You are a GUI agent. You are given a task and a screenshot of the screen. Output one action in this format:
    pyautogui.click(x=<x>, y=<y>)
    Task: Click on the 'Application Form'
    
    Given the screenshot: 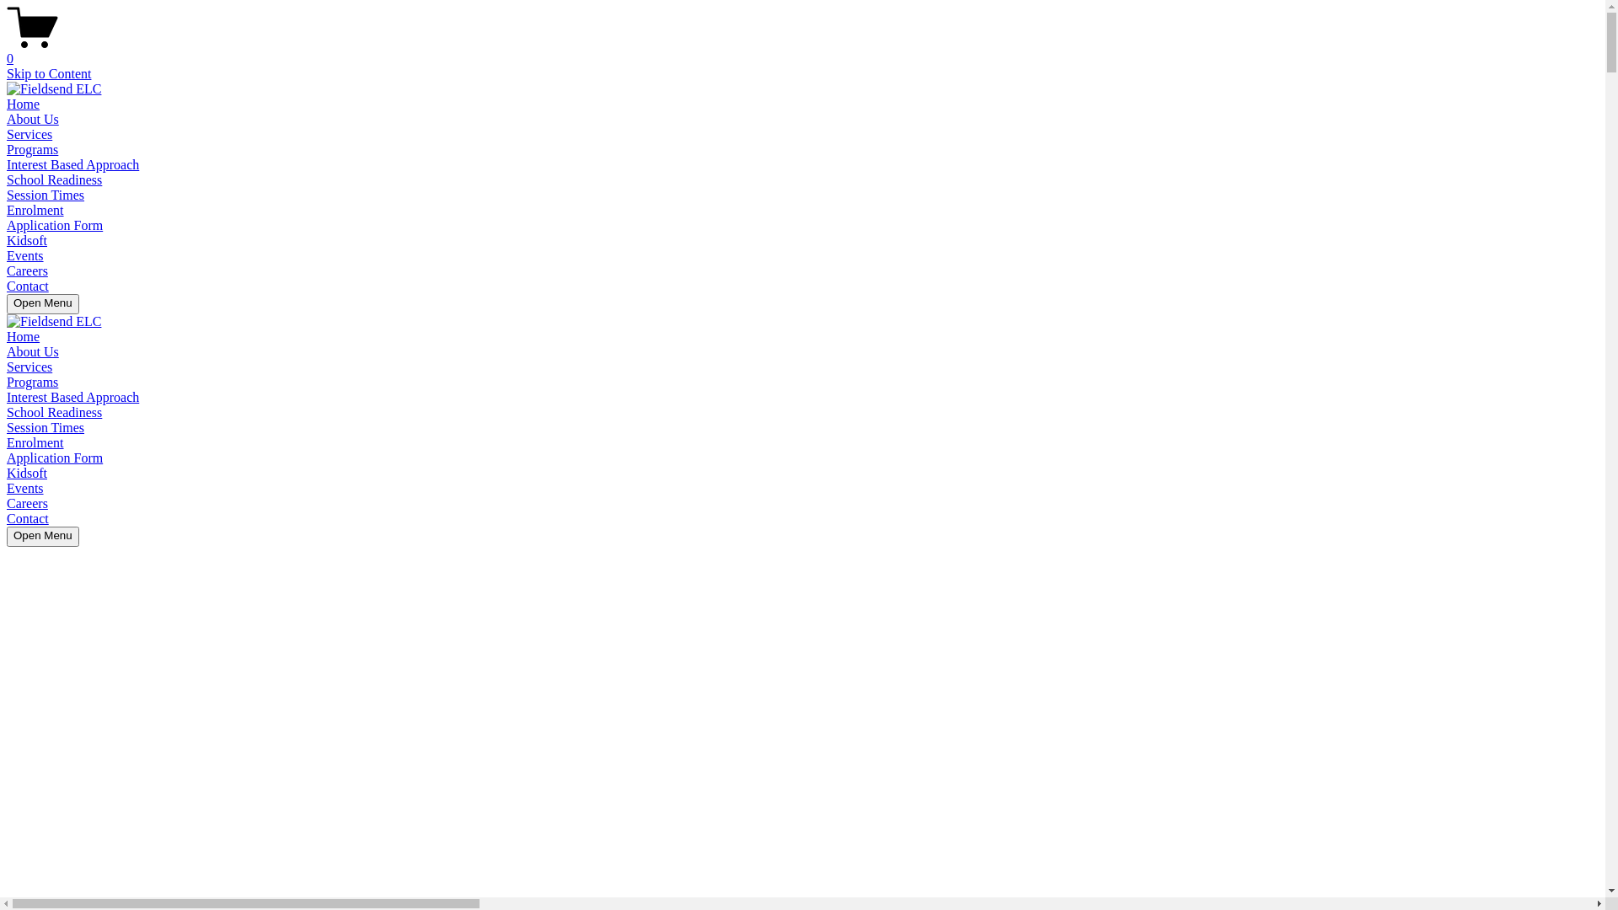 What is the action you would take?
    pyautogui.click(x=55, y=224)
    